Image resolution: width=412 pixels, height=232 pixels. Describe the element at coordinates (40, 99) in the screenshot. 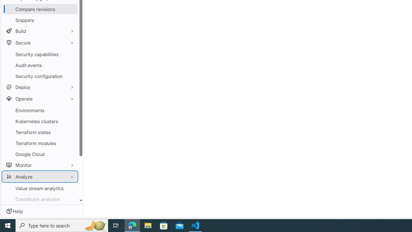

I see `'Operate'` at that location.